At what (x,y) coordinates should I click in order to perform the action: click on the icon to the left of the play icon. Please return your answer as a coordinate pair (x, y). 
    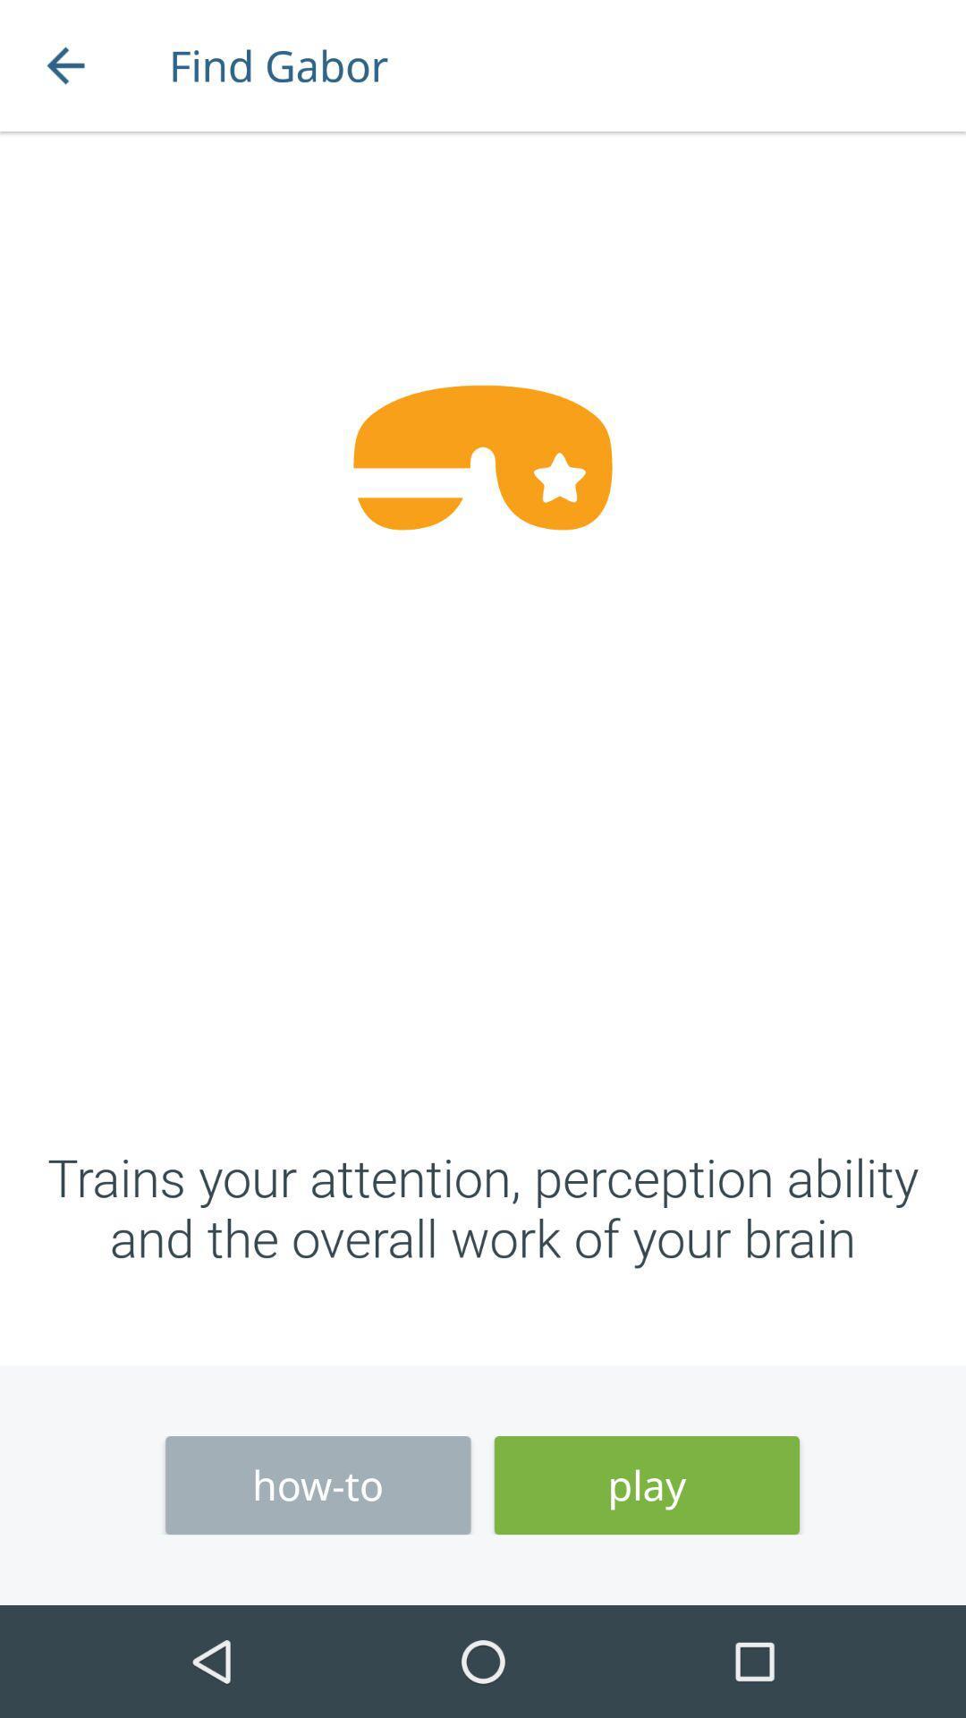
    Looking at the image, I should click on (317, 1485).